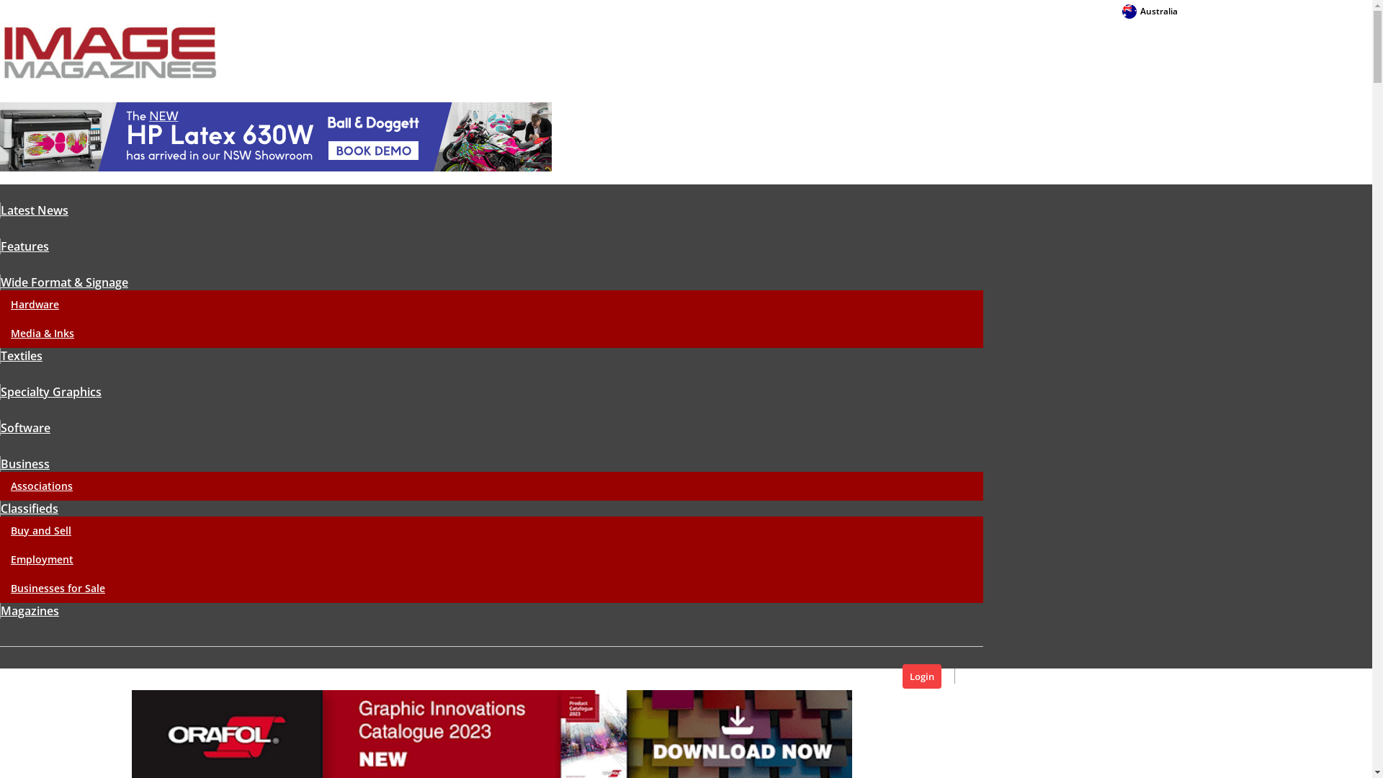  I want to click on 'Software', so click(0, 427).